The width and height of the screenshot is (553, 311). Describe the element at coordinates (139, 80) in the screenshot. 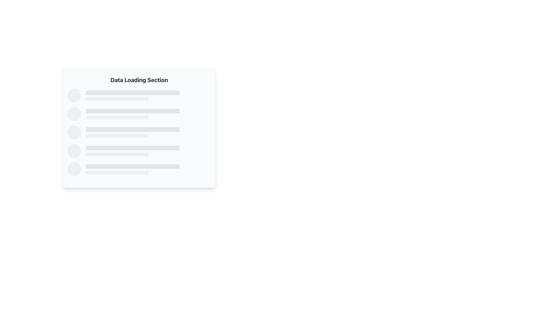

I see `the bold text label 'Data Loading Section' which is prominently displayed at the top of the panel` at that location.